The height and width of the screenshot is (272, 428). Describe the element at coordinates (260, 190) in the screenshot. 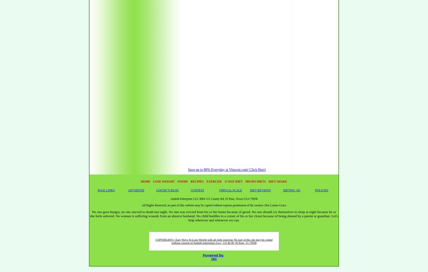

I see `'DIET REVIEWS'` at that location.